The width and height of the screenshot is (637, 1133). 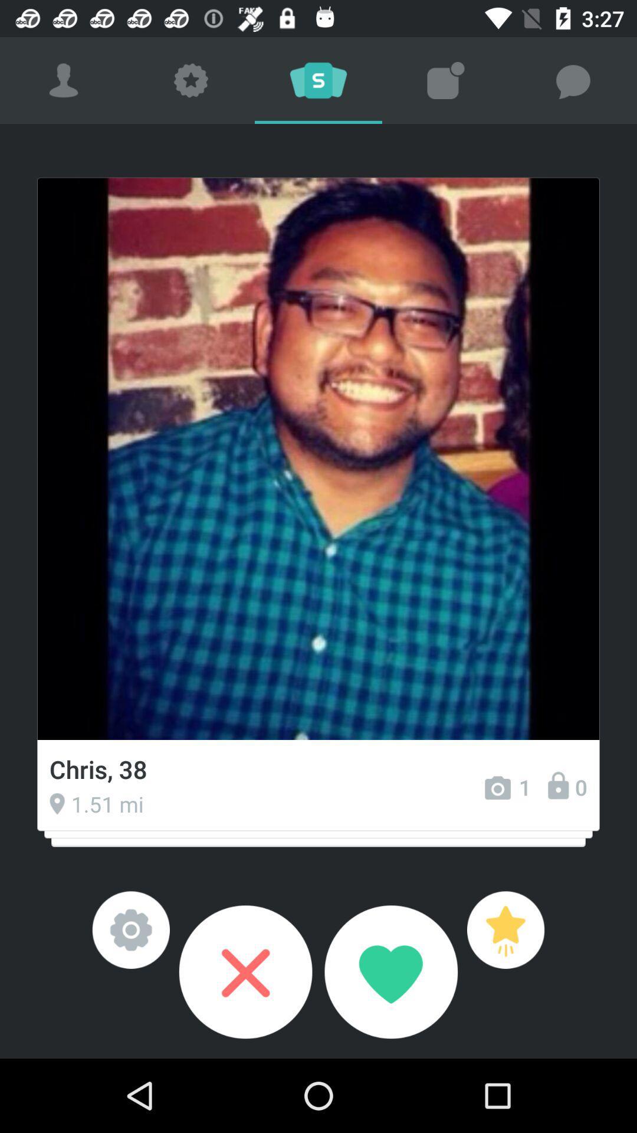 I want to click on the settings icon, so click(x=131, y=929).